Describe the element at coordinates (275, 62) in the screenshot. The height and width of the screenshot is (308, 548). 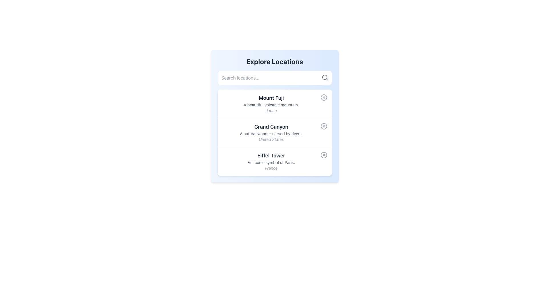
I see `the bold, large-sized text label that says 'Explore Locations', which is positioned at the top-center of the card interface` at that location.